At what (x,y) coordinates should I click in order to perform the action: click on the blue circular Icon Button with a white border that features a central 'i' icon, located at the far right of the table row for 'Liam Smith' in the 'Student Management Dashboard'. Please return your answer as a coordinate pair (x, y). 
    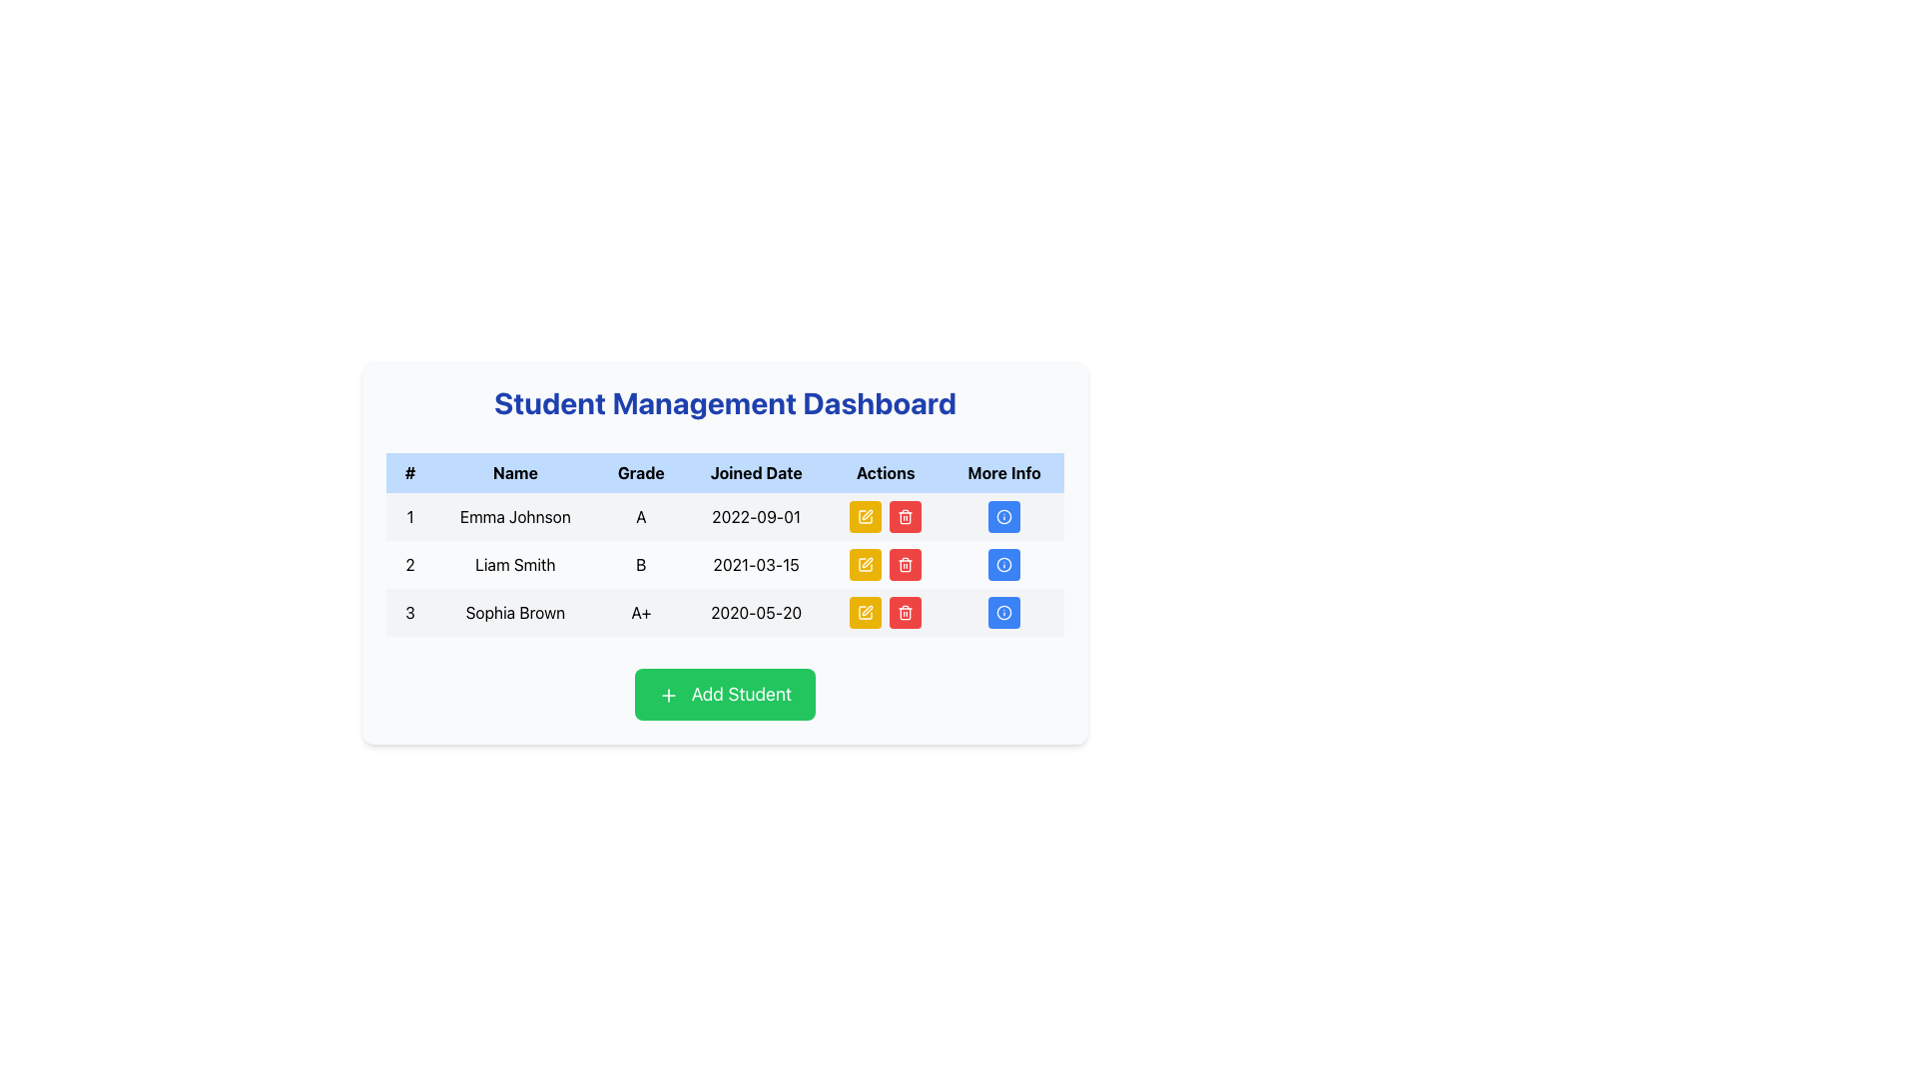
    Looking at the image, I should click on (1004, 565).